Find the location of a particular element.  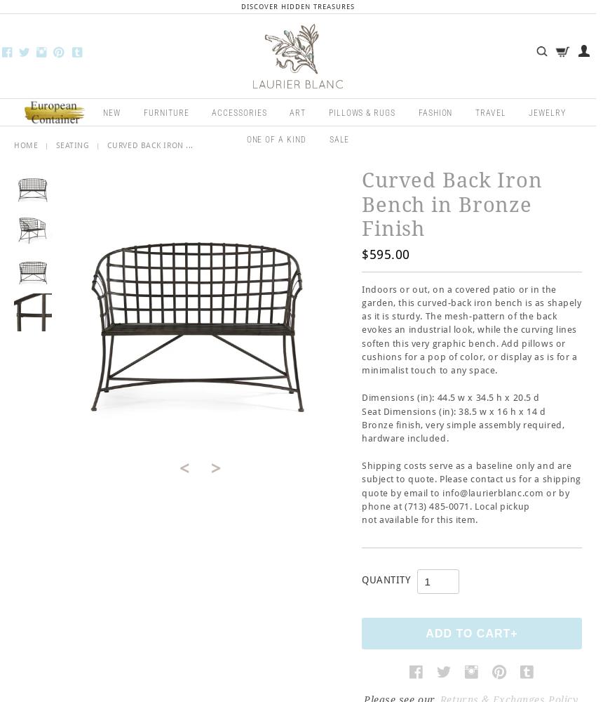

'>' is located at coordinates (215, 468).